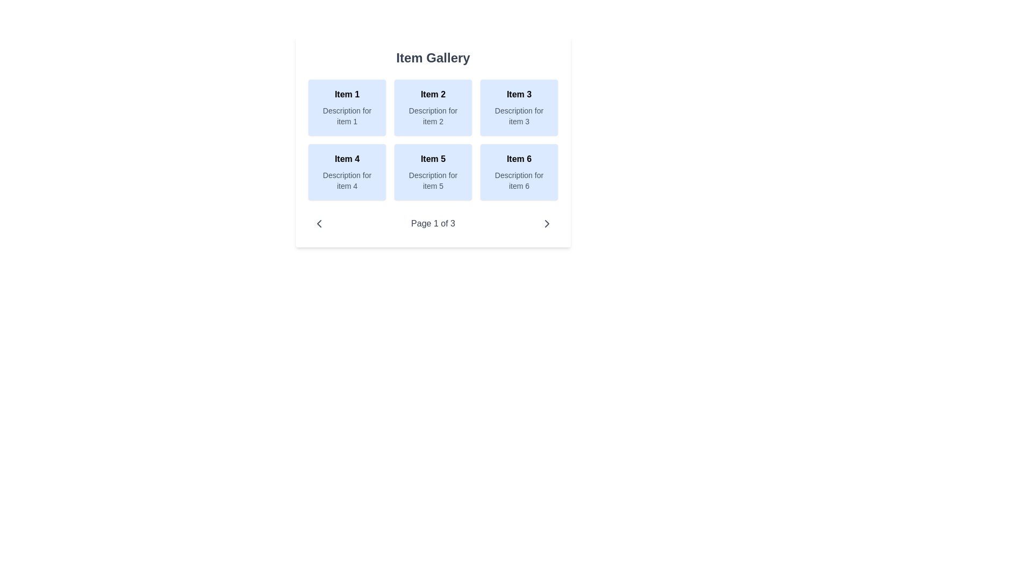  I want to click on displayed text of the Text component showing 'Description for item 4', which is located beneath the title 'Item 4' in the fourth item box of the grid layout, so click(347, 180).